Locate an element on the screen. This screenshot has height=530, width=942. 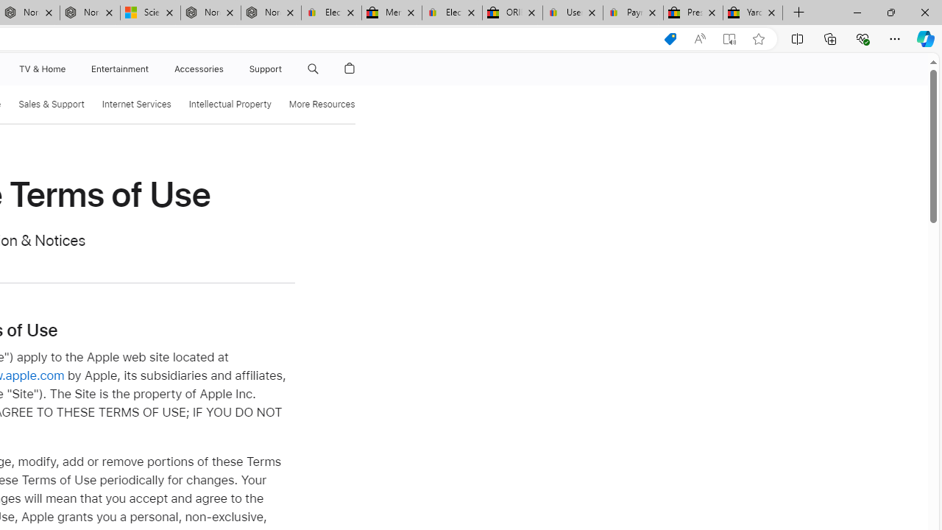
'AutomationID: globalnav-bag' is located at coordinates (349, 68).